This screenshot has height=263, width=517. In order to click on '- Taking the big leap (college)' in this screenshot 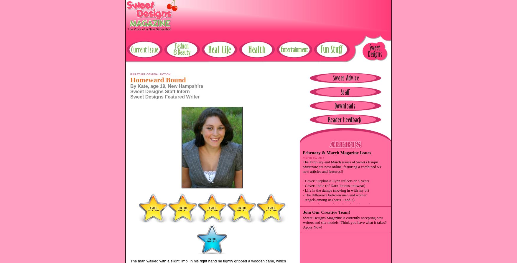, I will do `click(326, 228)`.